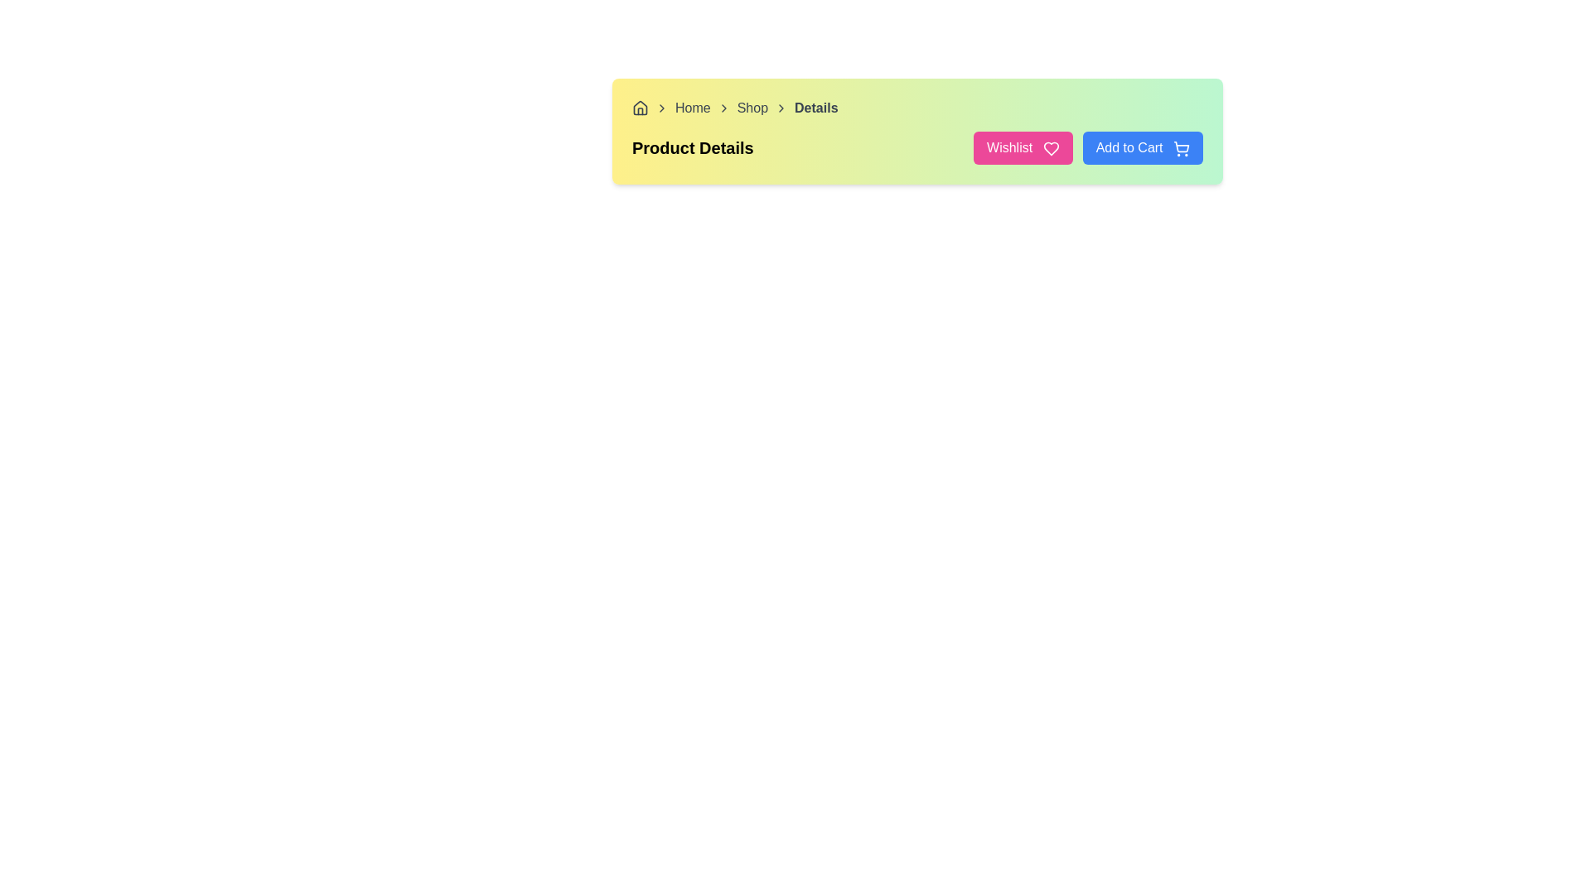  What do you see at coordinates (723, 108) in the screenshot?
I see `the chevron icon in the breadcrumb navigation bar that separates 'Home' and 'Shop' links` at bounding box center [723, 108].